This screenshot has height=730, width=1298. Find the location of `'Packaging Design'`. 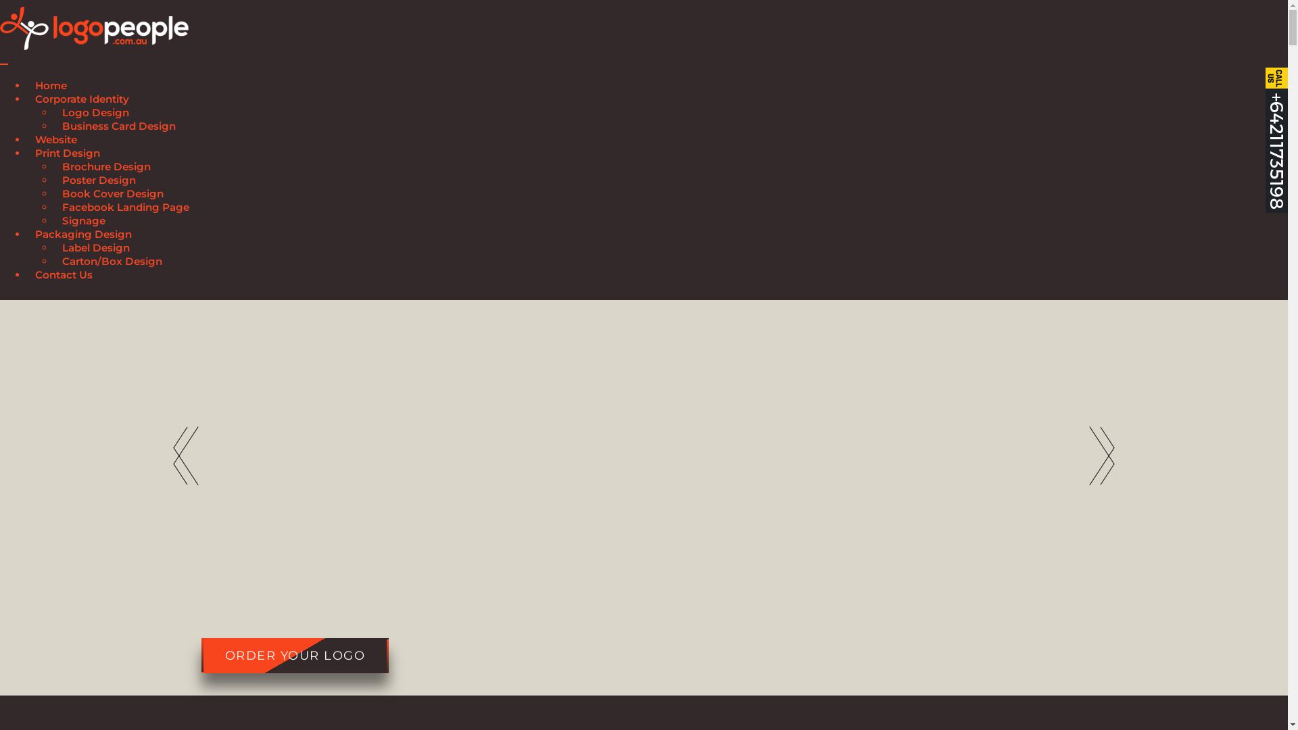

'Packaging Design' is located at coordinates (82, 235).